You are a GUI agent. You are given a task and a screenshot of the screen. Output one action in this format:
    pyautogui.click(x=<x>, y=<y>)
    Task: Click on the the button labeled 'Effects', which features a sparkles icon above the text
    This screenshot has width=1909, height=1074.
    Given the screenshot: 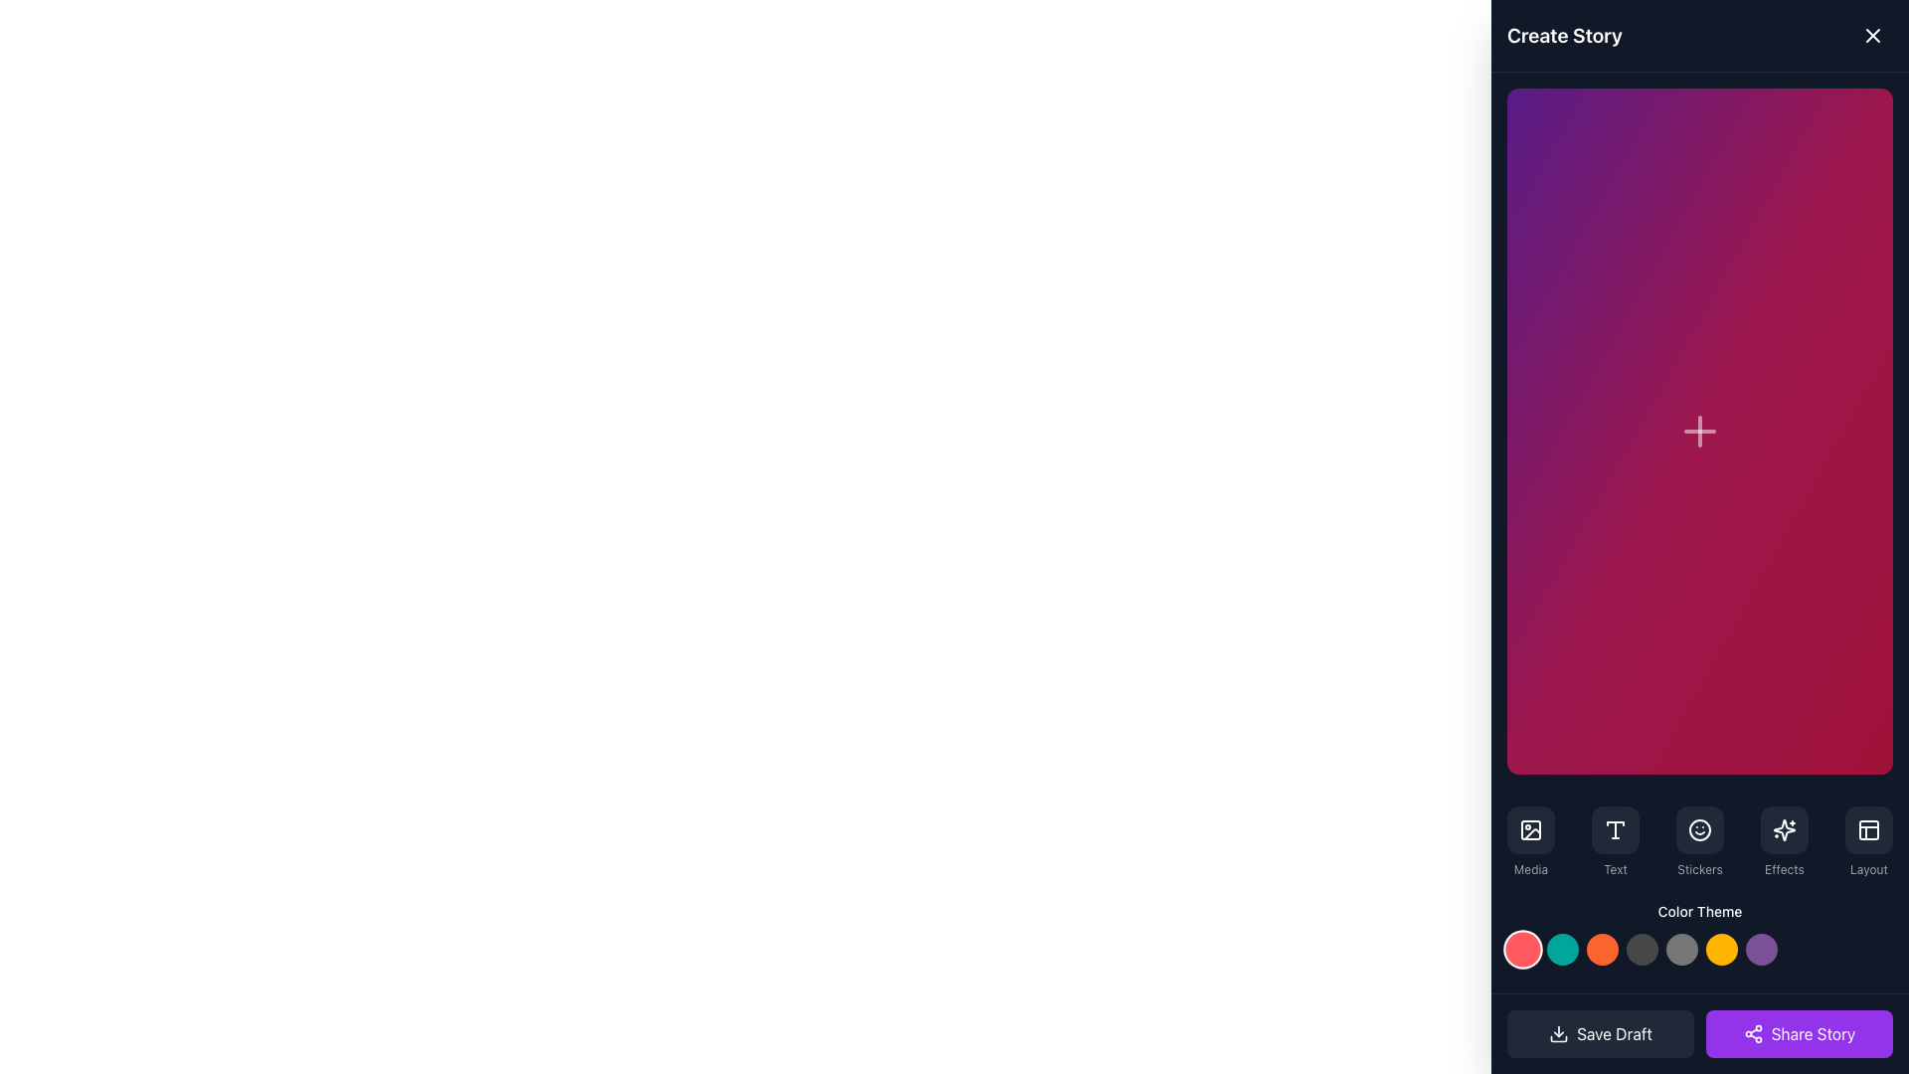 What is the action you would take?
    pyautogui.click(x=1785, y=840)
    